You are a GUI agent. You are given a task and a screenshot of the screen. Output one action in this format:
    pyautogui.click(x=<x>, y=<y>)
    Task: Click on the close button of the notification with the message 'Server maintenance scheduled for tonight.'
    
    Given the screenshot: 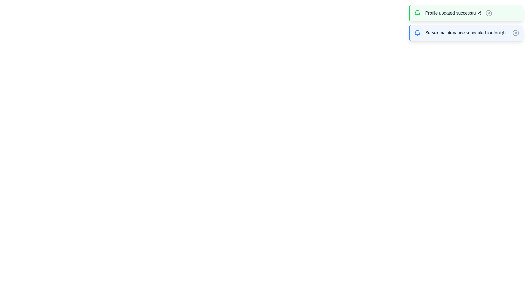 What is the action you would take?
    pyautogui.click(x=515, y=33)
    